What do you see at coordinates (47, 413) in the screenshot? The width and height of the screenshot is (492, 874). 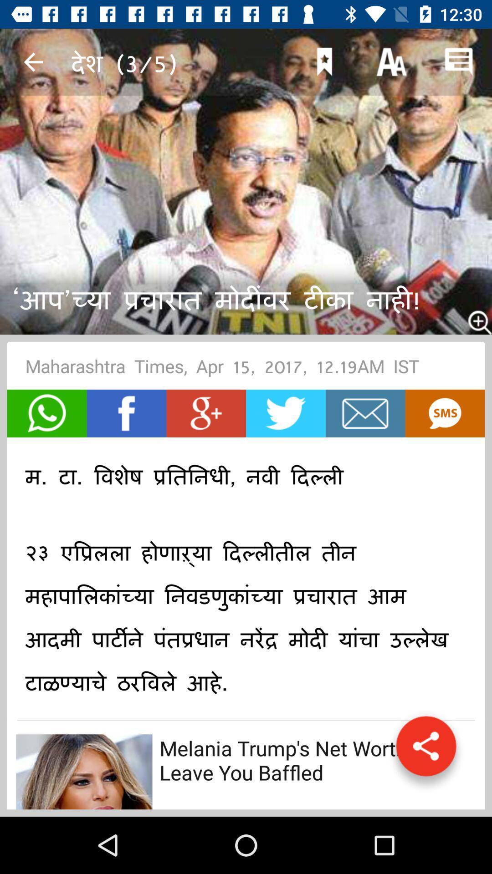 I see `share the article` at bounding box center [47, 413].